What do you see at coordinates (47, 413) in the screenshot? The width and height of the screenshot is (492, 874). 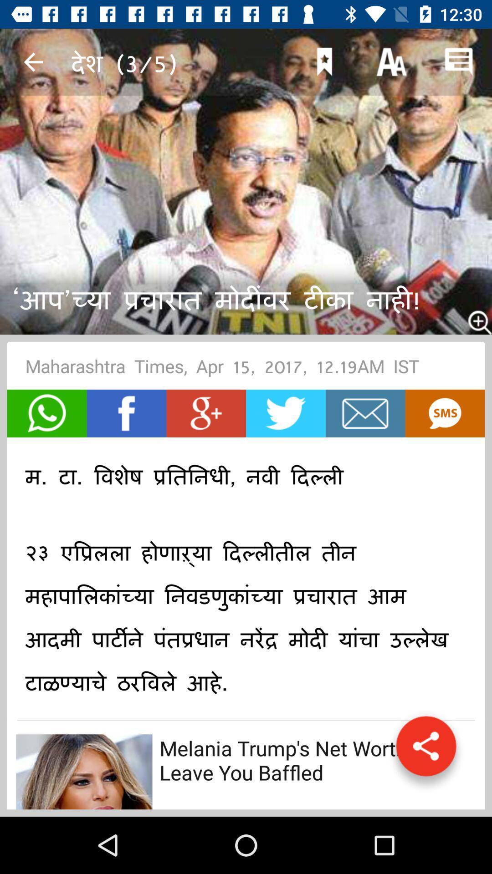 I see `share the article` at bounding box center [47, 413].